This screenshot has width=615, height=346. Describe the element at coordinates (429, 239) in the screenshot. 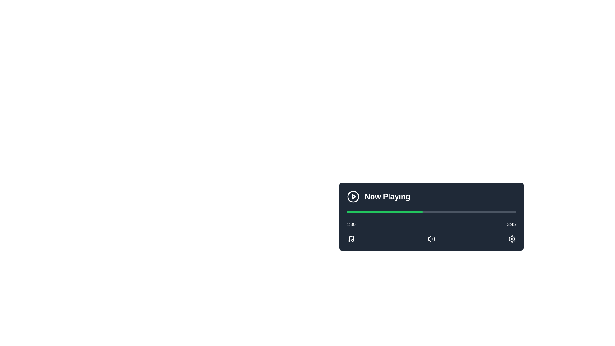

I see `the leftmost speaker icon in the volume control interface` at that location.